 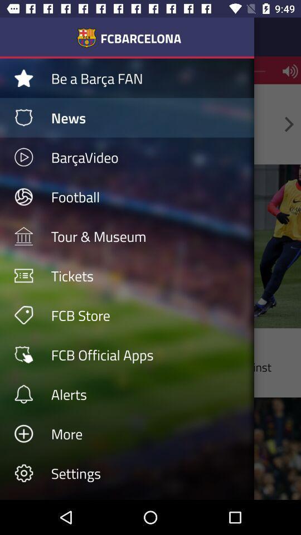 I want to click on the star icon, so click(x=14, y=71).